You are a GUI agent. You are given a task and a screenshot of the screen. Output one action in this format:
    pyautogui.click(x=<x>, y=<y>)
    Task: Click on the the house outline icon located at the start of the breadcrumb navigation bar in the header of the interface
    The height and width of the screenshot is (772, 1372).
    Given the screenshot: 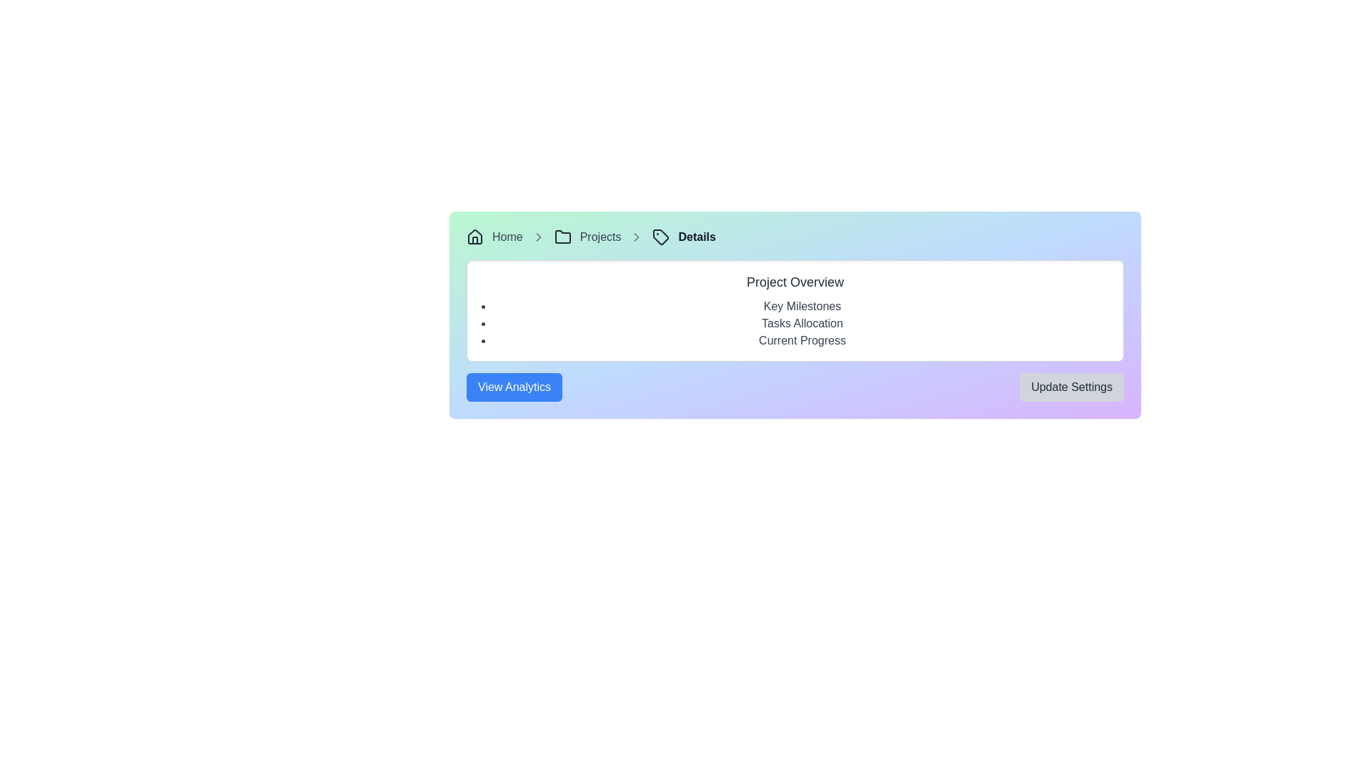 What is the action you would take?
    pyautogui.click(x=475, y=236)
    